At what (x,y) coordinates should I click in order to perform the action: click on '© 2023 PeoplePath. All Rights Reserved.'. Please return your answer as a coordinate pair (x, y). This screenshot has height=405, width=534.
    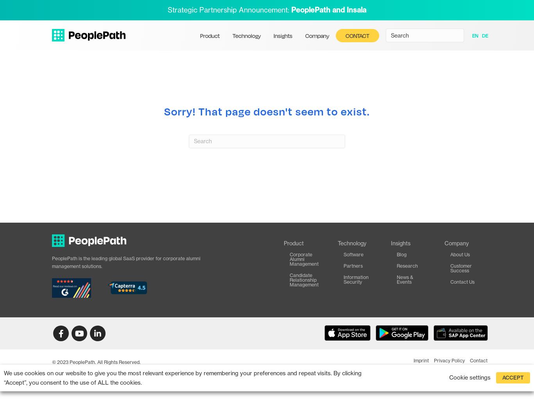
    Looking at the image, I should click on (96, 361).